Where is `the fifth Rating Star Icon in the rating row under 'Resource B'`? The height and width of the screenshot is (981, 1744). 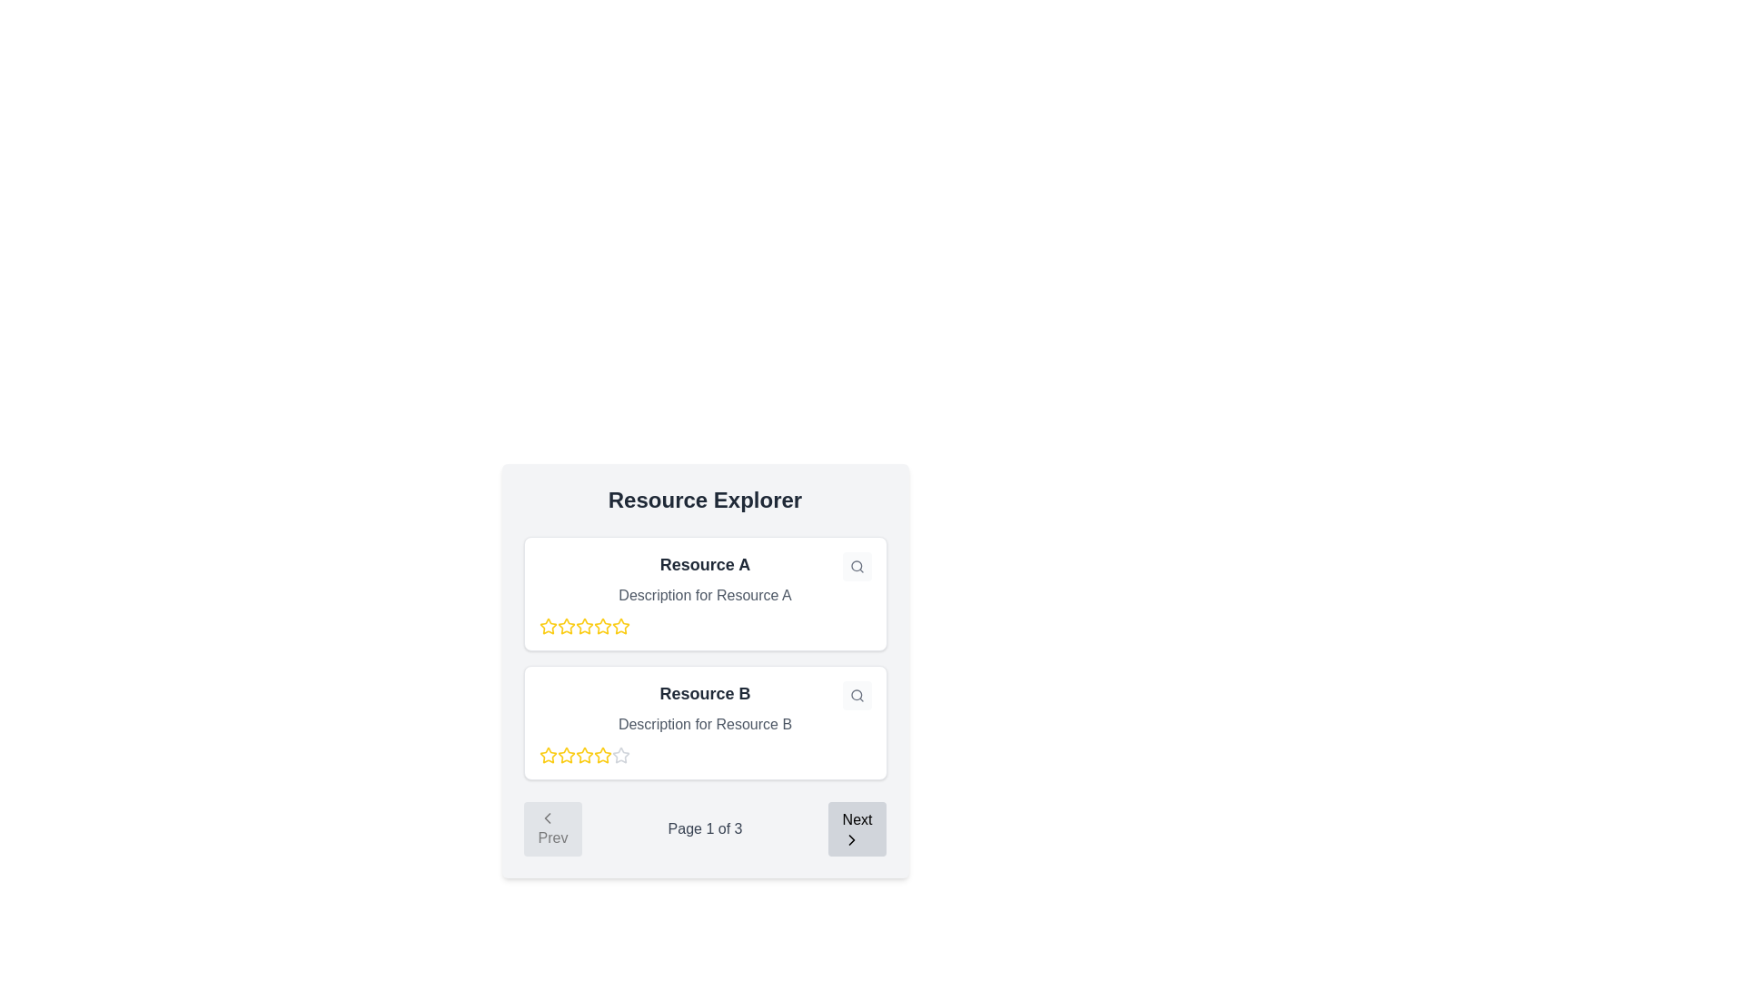 the fifth Rating Star Icon in the rating row under 'Resource B' is located at coordinates (584, 756).